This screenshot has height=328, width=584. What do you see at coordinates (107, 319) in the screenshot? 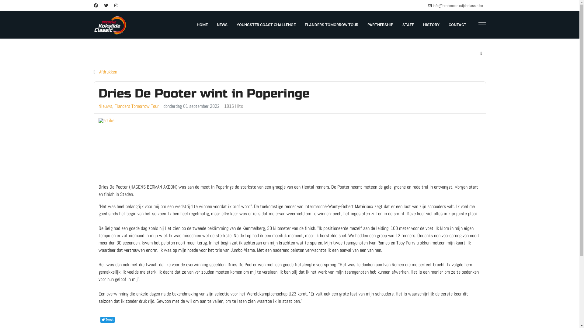
I see `'Tweet'` at bounding box center [107, 319].